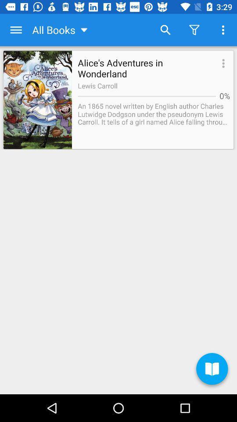 This screenshot has height=422, width=237. I want to click on all books app, so click(60, 30).